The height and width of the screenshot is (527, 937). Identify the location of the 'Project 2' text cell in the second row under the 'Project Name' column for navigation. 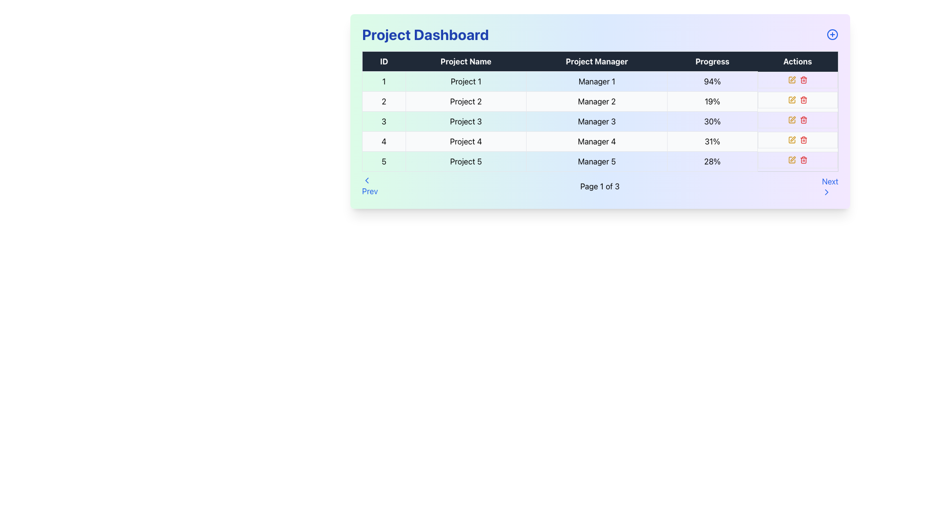
(465, 101).